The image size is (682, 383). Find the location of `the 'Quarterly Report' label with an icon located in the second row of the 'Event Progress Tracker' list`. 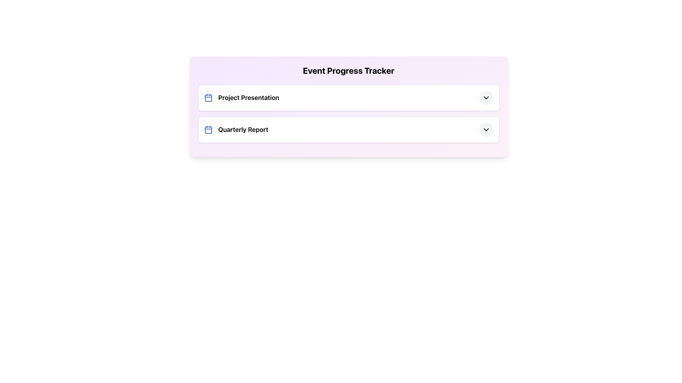

the 'Quarterly Report' label with an icon located in the second row of the 'Event Progress Tracker' list is located at coordinates (236, 130).